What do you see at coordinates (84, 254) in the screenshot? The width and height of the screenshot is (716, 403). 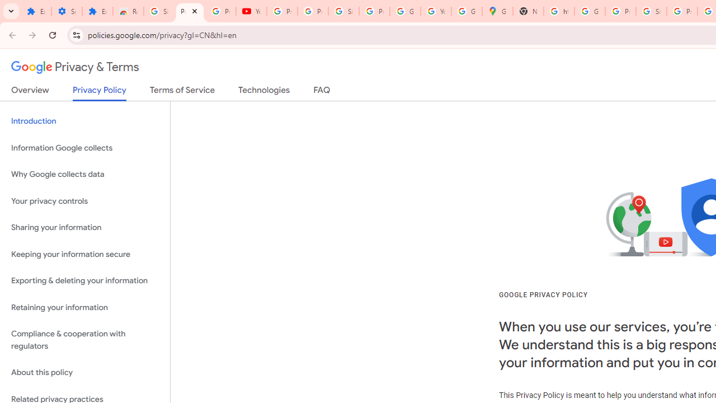 I see `'Keeping your information secure'` at bounding box center [84, 254].